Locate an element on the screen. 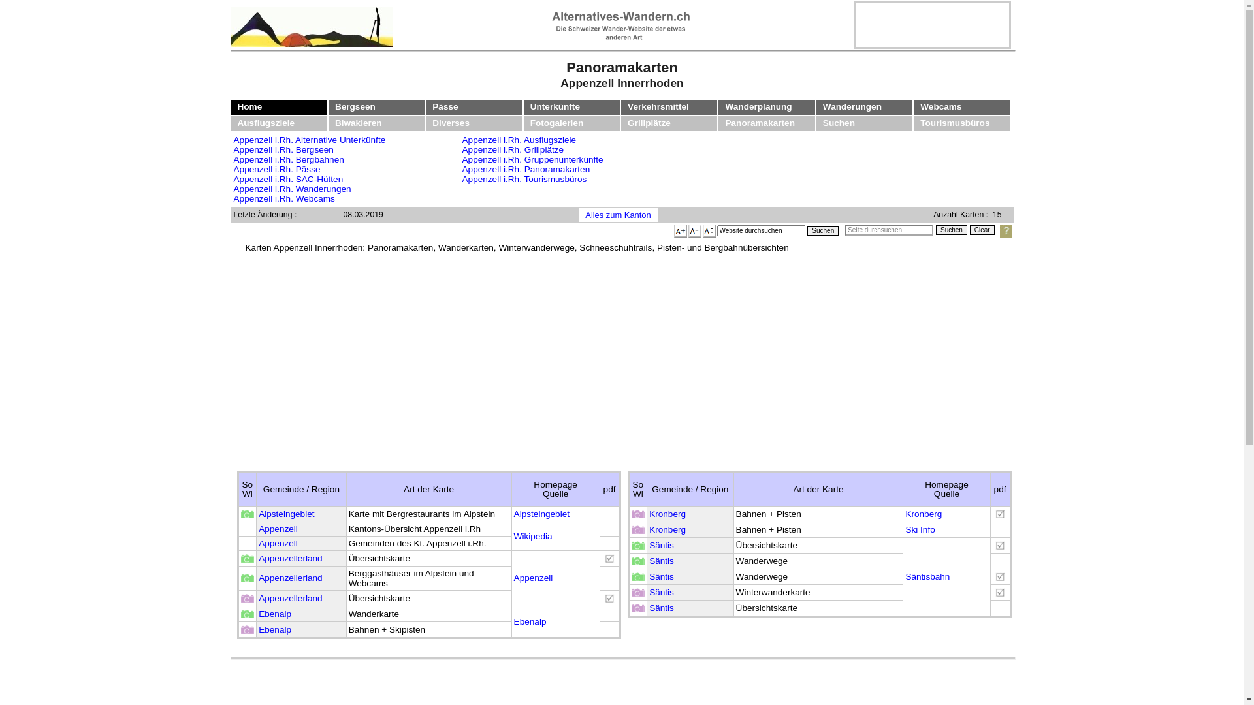 Image resolution: width=1254 pixels, height=705 pixels. 'Fotogalerien' is located at coordinates (557, 123).